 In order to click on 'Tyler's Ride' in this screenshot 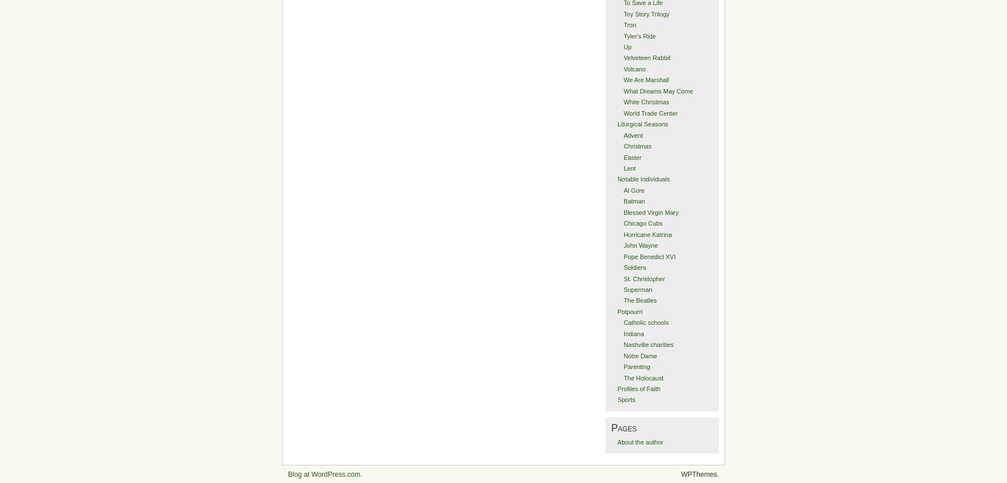, I will do `click(639, 35)`.